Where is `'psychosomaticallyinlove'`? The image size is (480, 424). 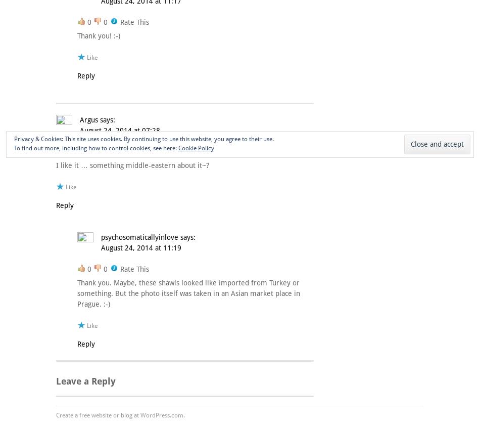 'psychosomaticallyinlove' is located at coordinates (101, 237).